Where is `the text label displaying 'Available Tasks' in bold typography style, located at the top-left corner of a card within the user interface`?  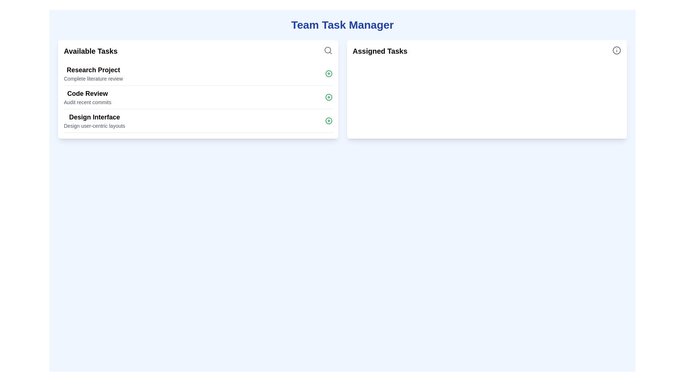 the text label displaying 'Available Tasks' in bold typography style, located at the top-left corner of a card within the user interface is located at coordinates (90, 51).